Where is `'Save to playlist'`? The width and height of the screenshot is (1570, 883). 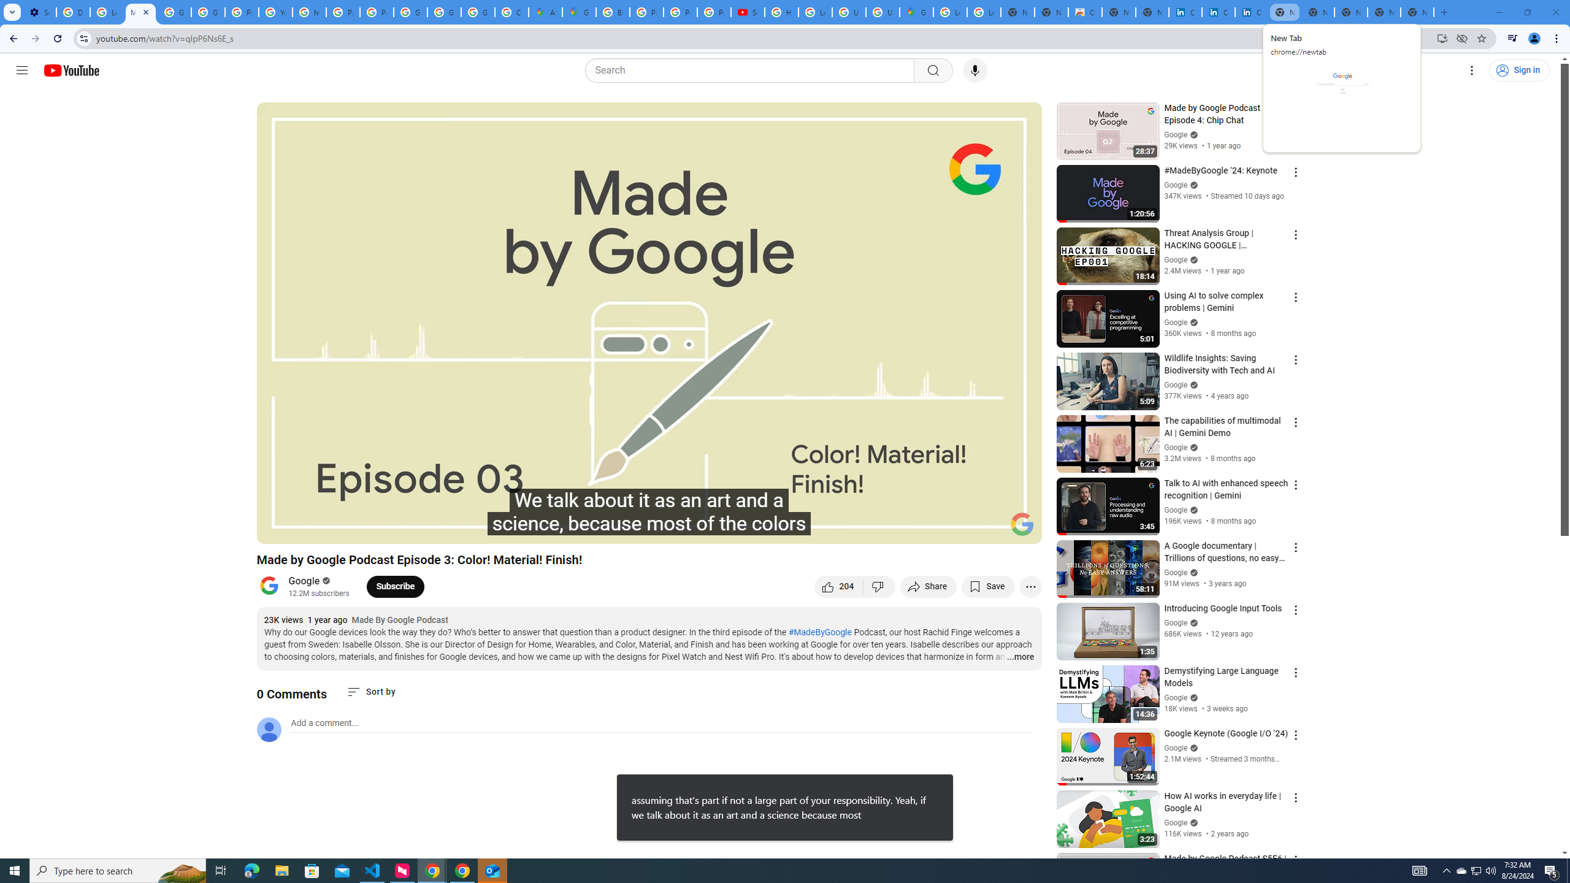 'Save to playlist' is located at coordinates (987, 586).